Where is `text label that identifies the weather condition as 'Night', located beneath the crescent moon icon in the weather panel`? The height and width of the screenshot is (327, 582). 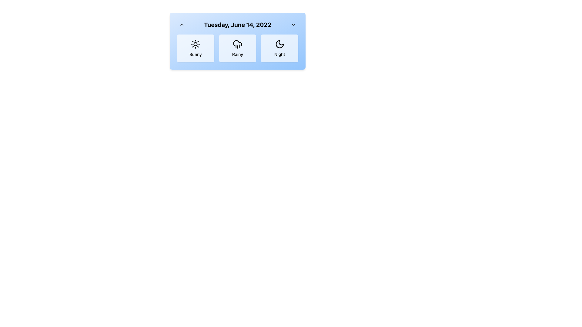 text label that identifies the weather condition as 'Night', located beneath the crescent moon icon in the weather panel is located at coordinates (279, 54).